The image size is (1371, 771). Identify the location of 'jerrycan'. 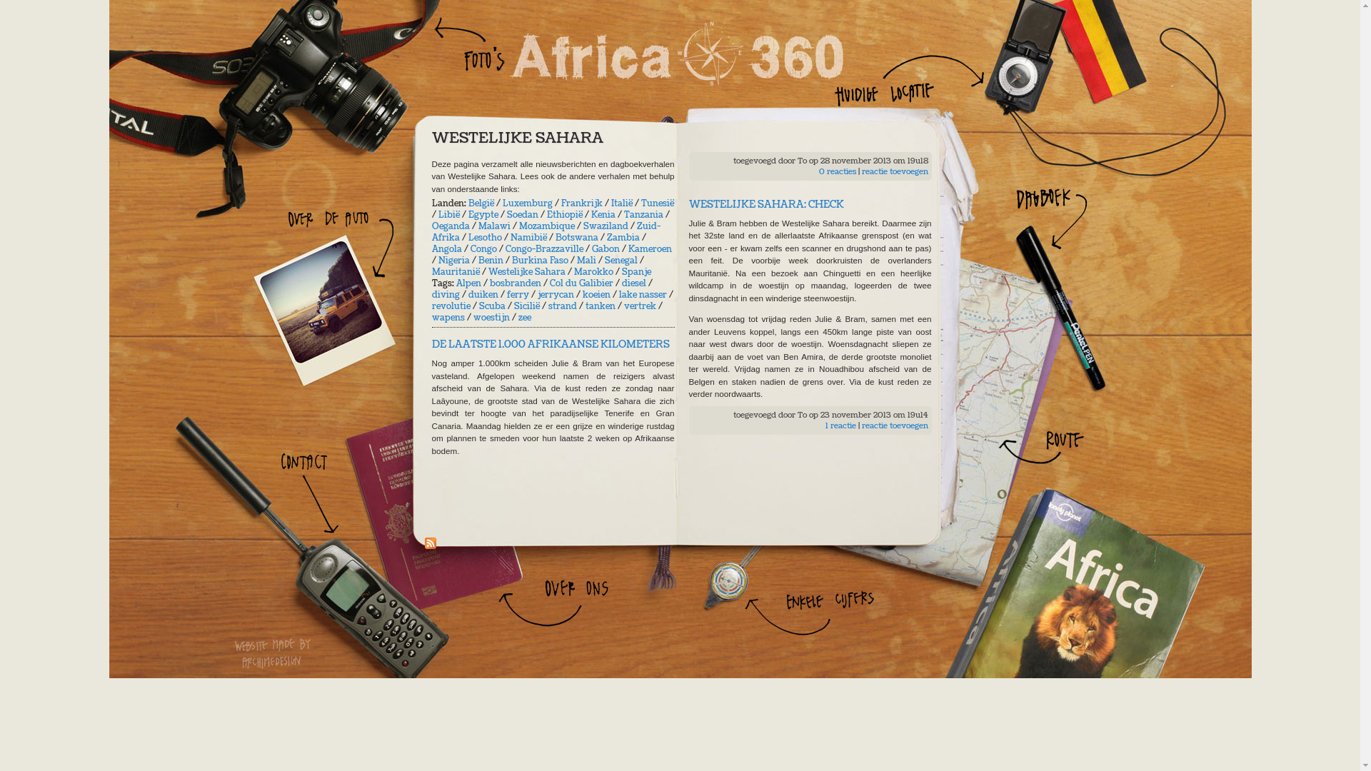
(536, 293).